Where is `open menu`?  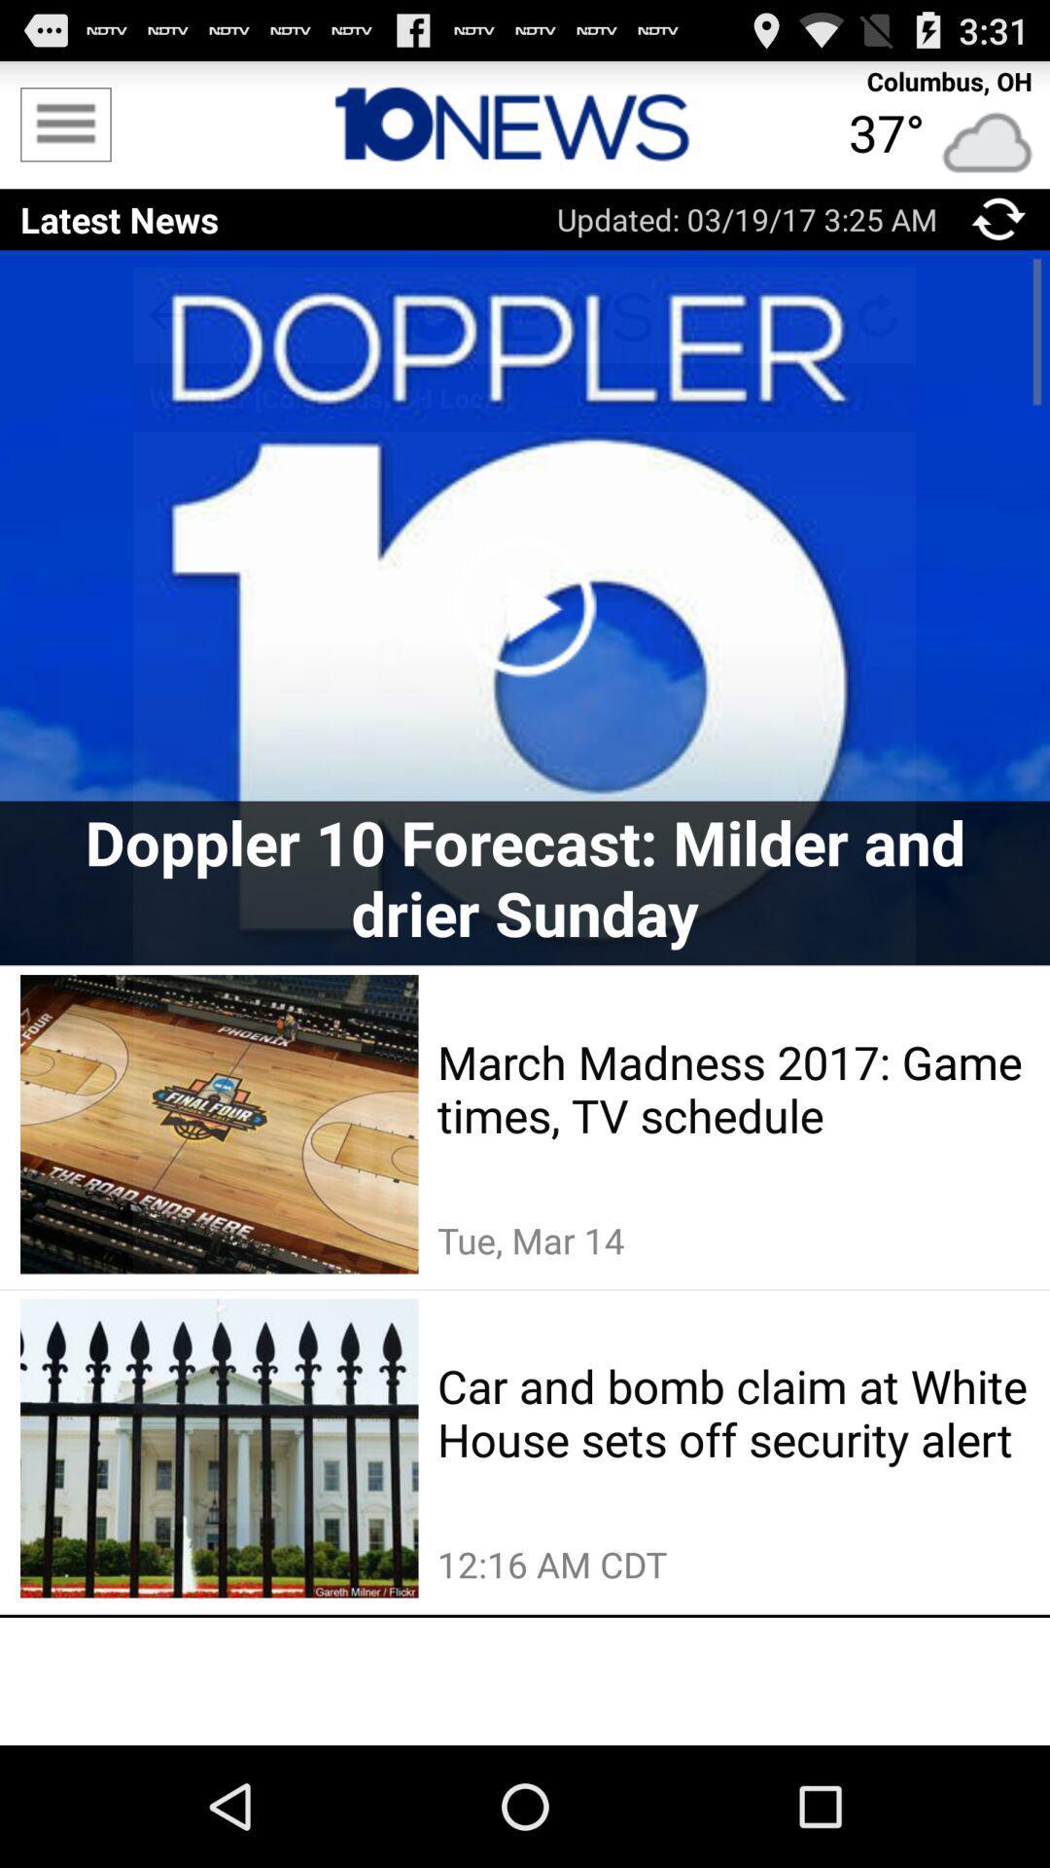
open menu is located at coordinates (64, 124).